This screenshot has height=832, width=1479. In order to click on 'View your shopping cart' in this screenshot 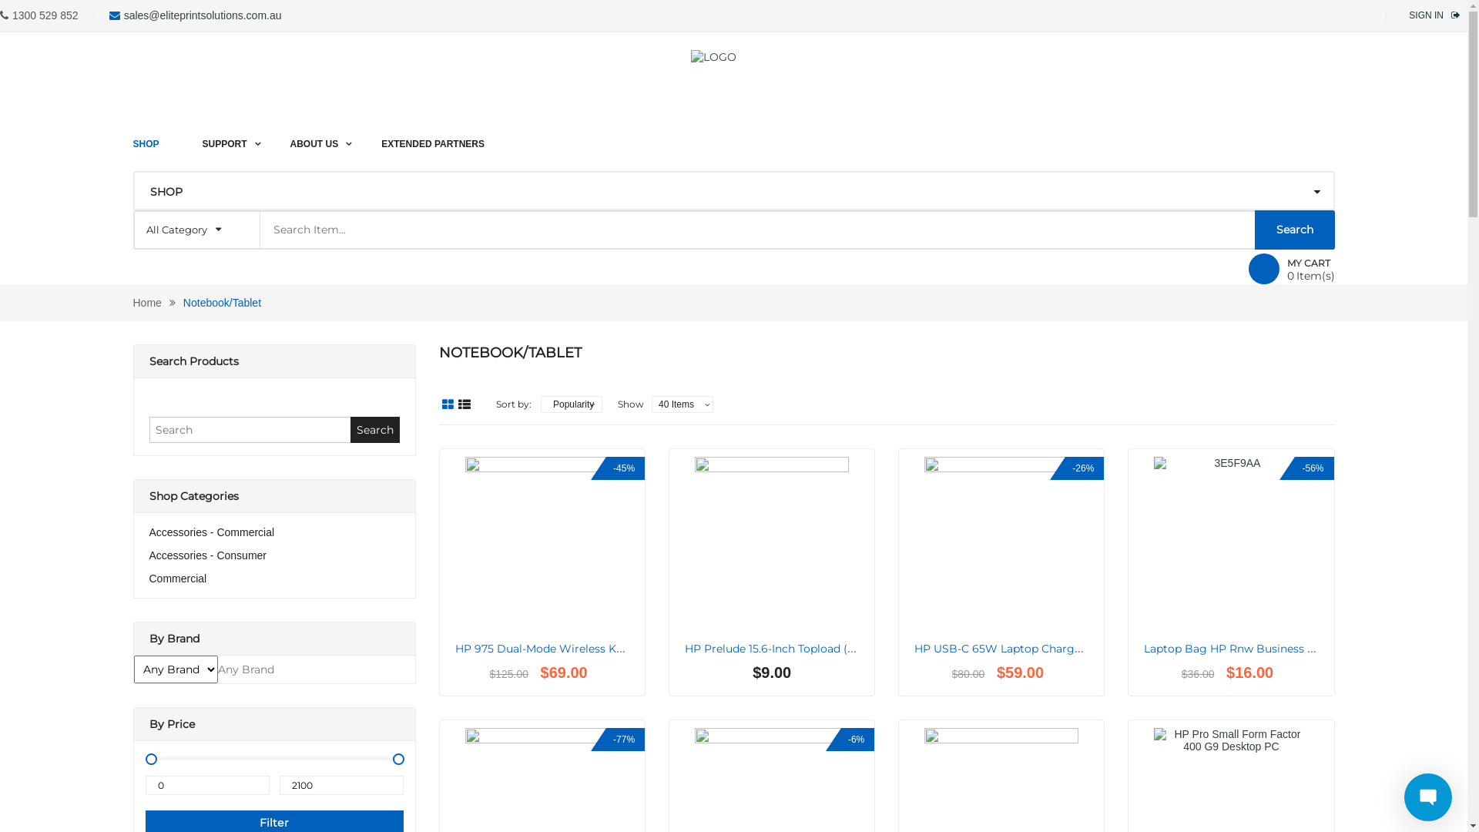, I will do `click(1263, 267)`.